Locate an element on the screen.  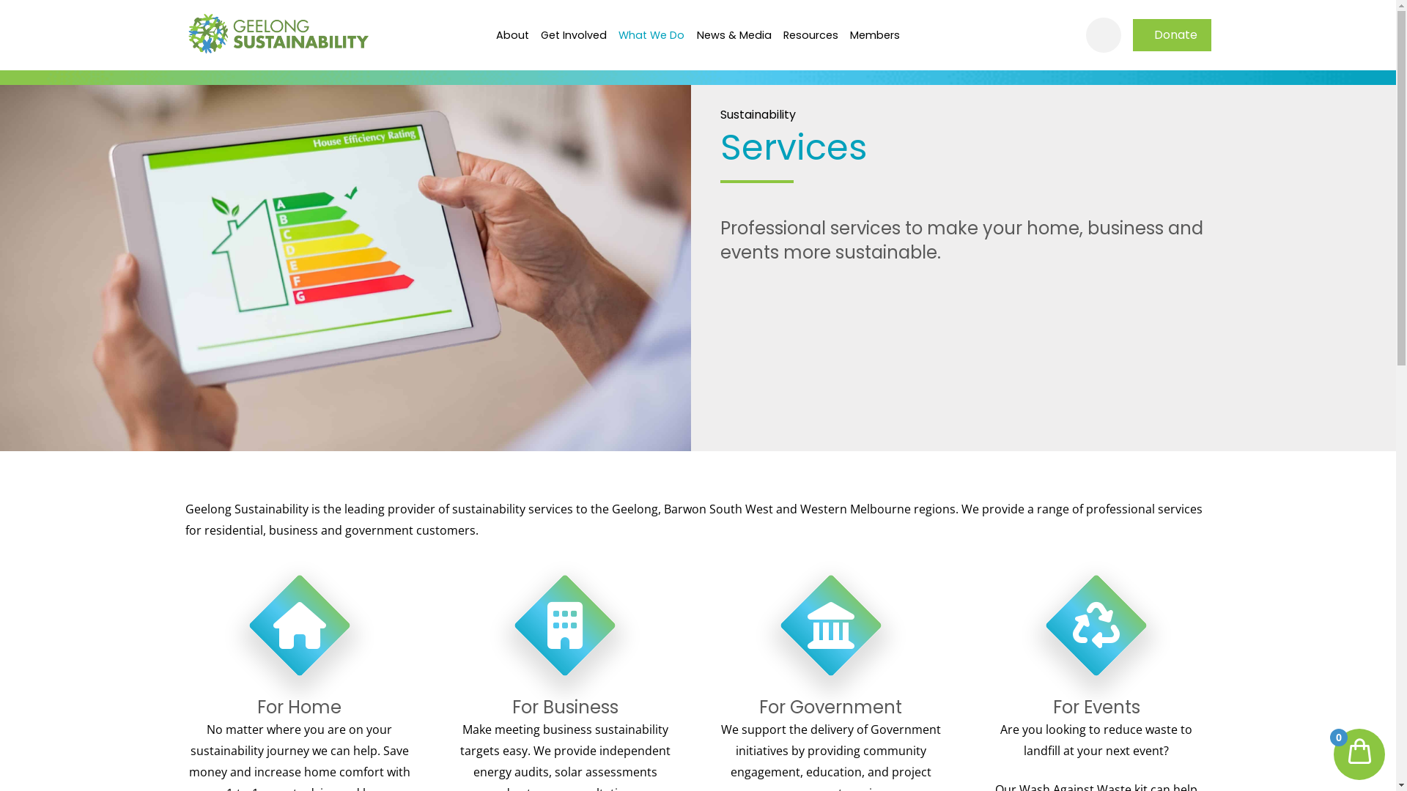
'Donate' is located at coordinates (1131, 34).